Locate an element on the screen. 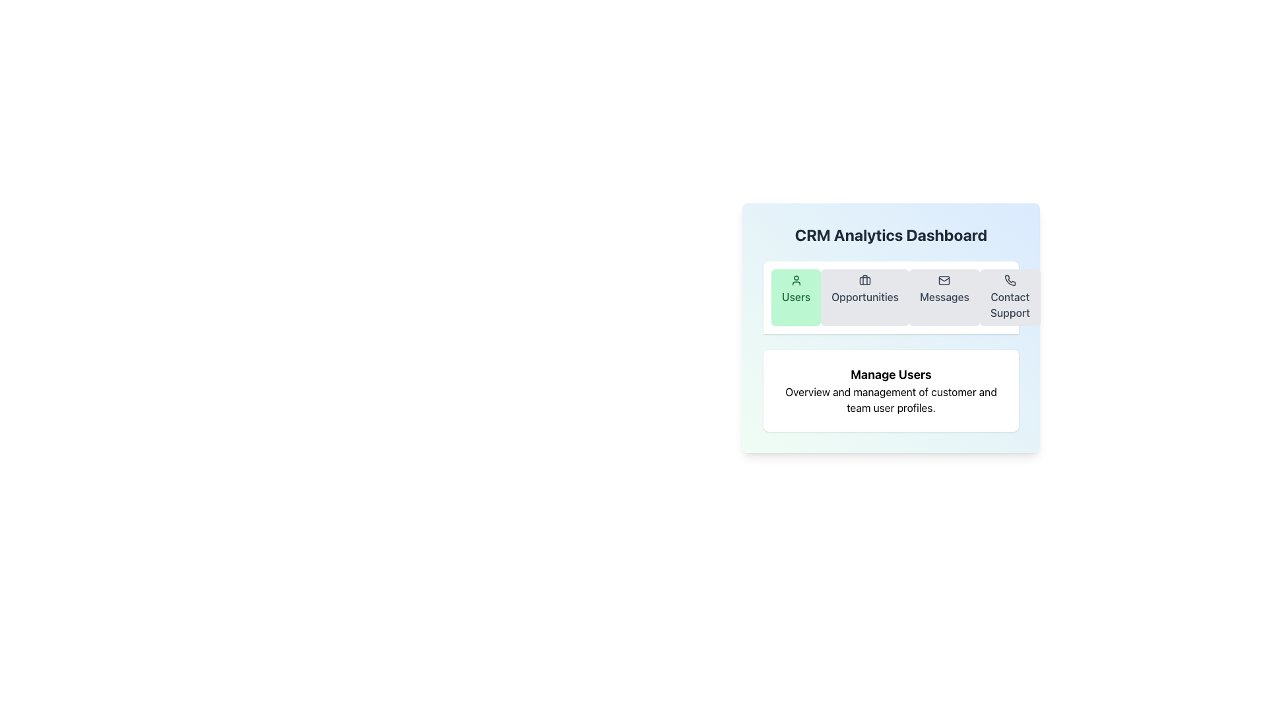 This screenshot has width=1267, height=713. the descriptive text located under the 'Manage Users' heading that reads: 'Overview and management of customer and team user profiles.' is located at coordinates (891, 399).